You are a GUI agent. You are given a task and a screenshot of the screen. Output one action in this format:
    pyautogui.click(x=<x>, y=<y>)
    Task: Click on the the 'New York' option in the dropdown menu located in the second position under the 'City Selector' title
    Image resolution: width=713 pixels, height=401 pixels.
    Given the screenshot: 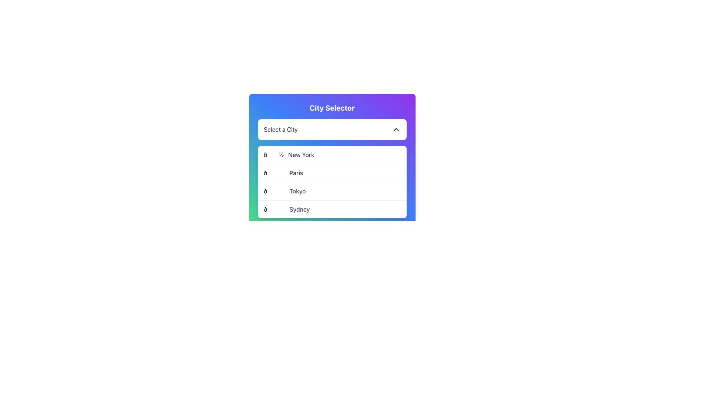 What is the action you would take?
    pyautogui.click(x=289, y=154)
    